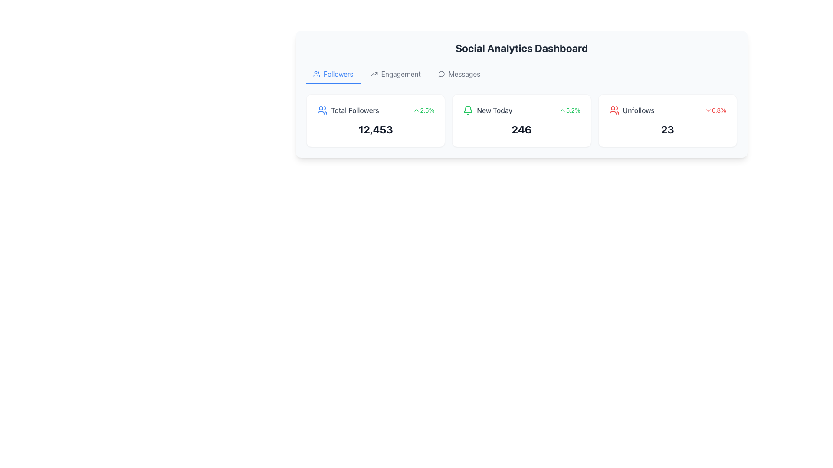  What do you see at coordinates (376, 130) in the screenshot?
I see `the Text Display that shows the total number of followers in the Social Analytics Dashboard, positioned in the center of the first card` at bounding box center [376, 130].